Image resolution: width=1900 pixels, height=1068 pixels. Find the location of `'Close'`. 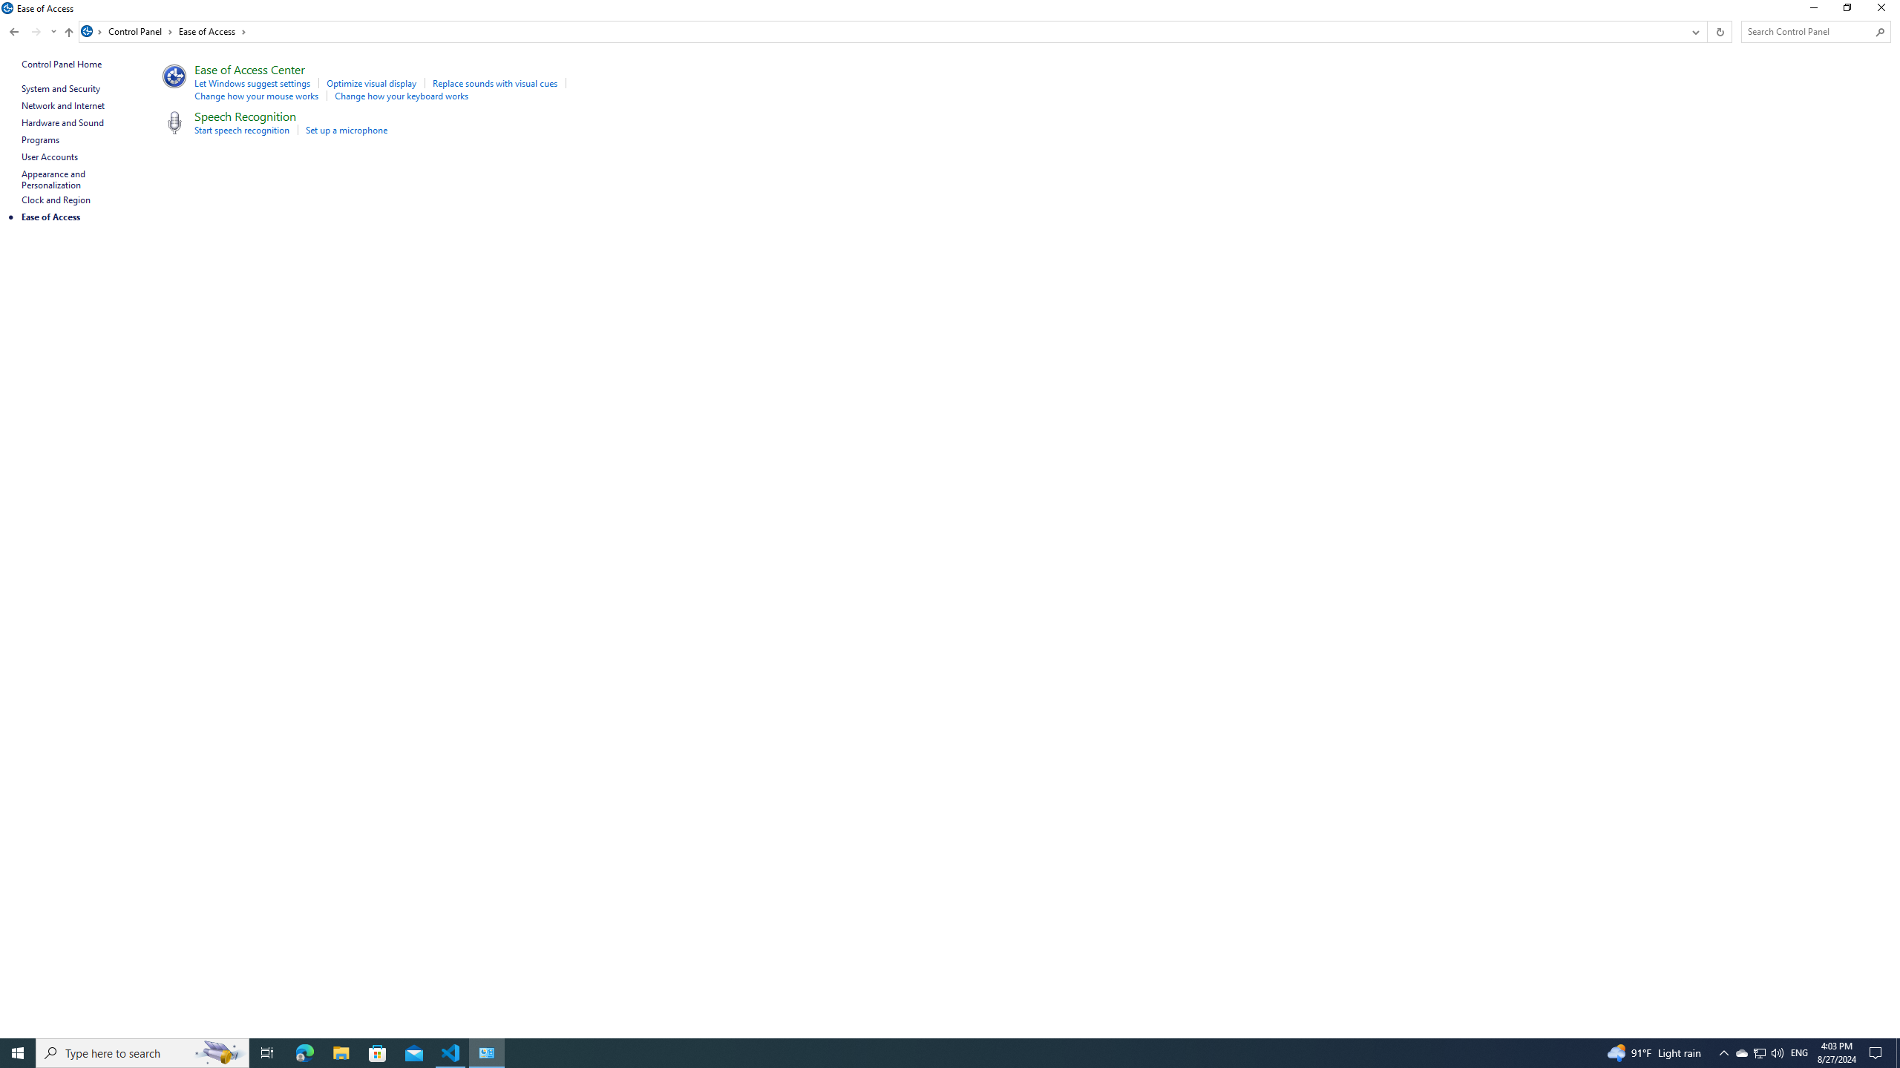

'Close' is located at coordinates (1884, 11).